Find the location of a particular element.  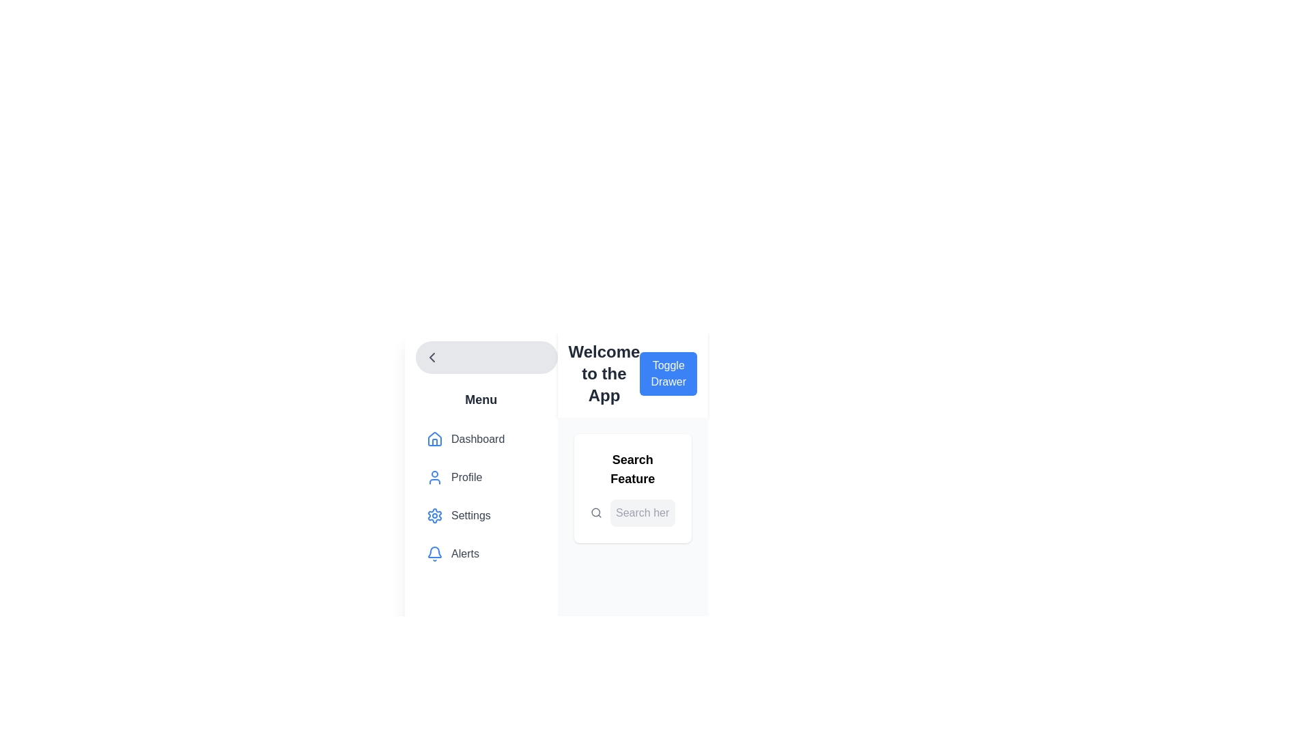

the button located to the right of the title text 'Welcome to the App' is located at coordinates (668, 373).